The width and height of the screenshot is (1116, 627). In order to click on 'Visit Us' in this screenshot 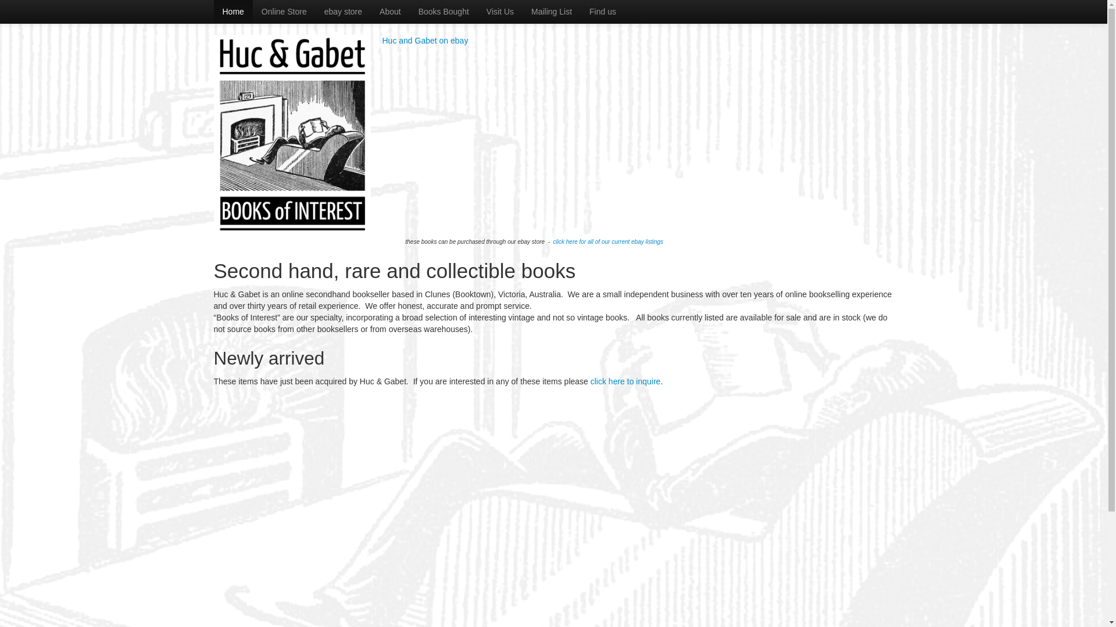, I will do `click(500, 11)`.